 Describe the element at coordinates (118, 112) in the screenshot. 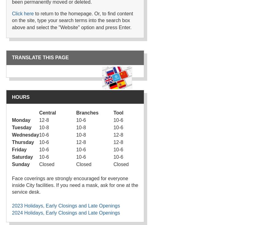

I see `'Tool'` at that location.